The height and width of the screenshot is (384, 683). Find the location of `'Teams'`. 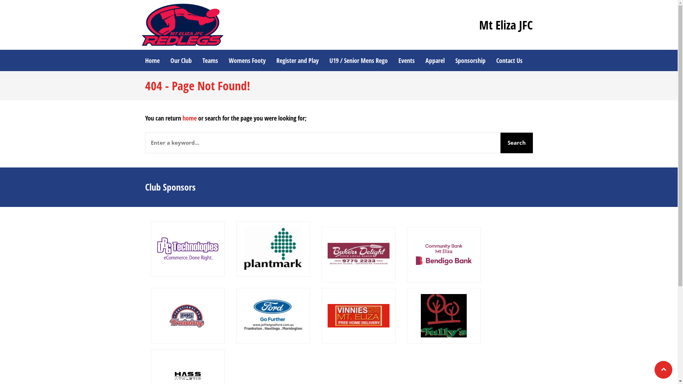

'Teams' is located at coordinates (210, 60).